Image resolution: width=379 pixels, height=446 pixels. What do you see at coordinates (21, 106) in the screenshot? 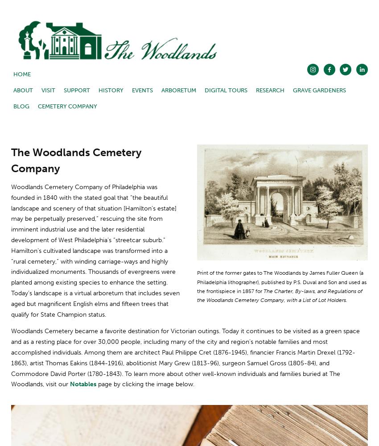
I see `'Blog'` at bounding box center [21, 106].